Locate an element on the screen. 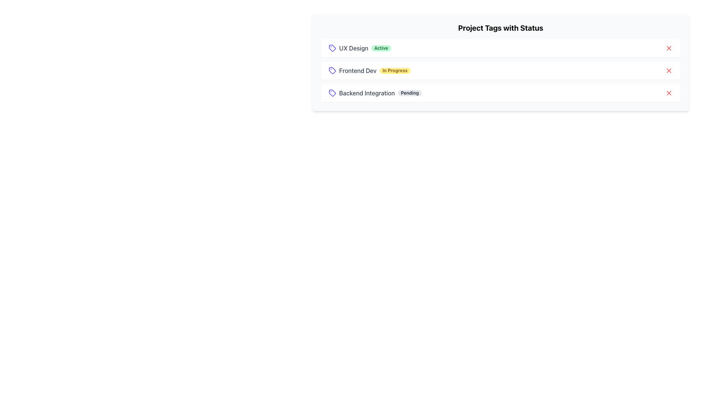  the SVG tag icon outlined in indigo color, which is the first visual component in the 'Backend IntegrationPending' item in the project statuses list is located at coordinates (332, 93).